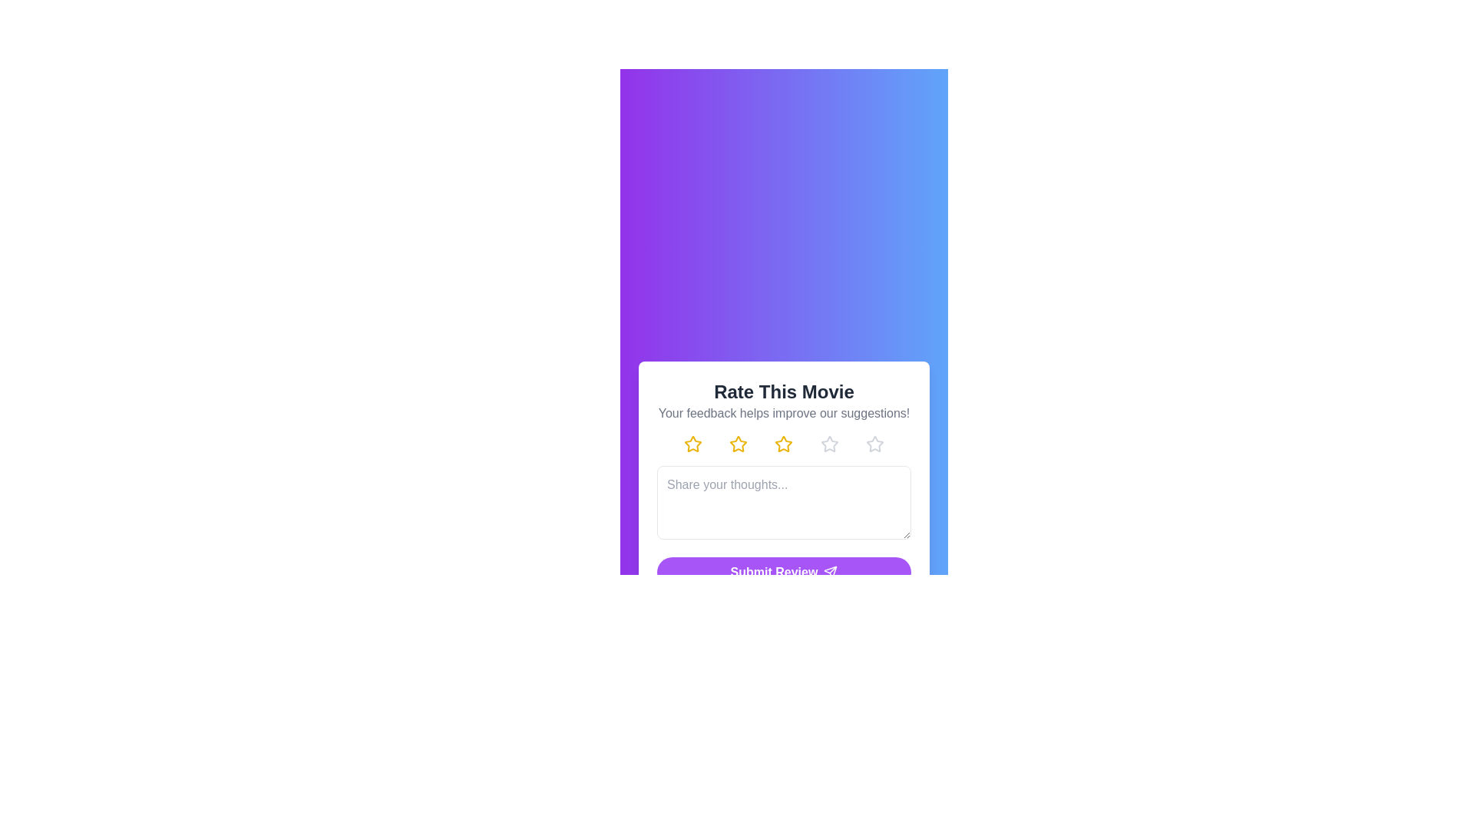 This screenshot has width=1474, height=829. Describe the element at coordinates (692, 444) in the screenshot. I see `the first star icon in the five-star rating system located below 'Rate This Movie' for visual feedback` at that location.